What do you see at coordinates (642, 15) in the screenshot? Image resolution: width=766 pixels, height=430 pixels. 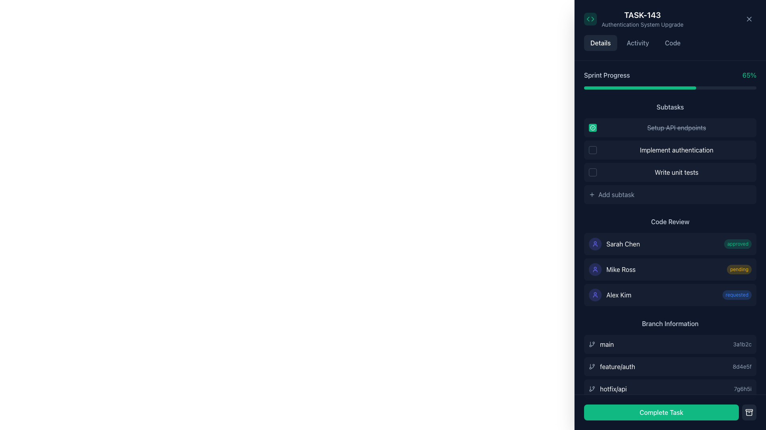 I see `the text element displaying 'TASK-143', which is styled in bold with a larger font size and white color against a dark background, indicating its significance as a title or identifier` at bounding box center [642, 15].